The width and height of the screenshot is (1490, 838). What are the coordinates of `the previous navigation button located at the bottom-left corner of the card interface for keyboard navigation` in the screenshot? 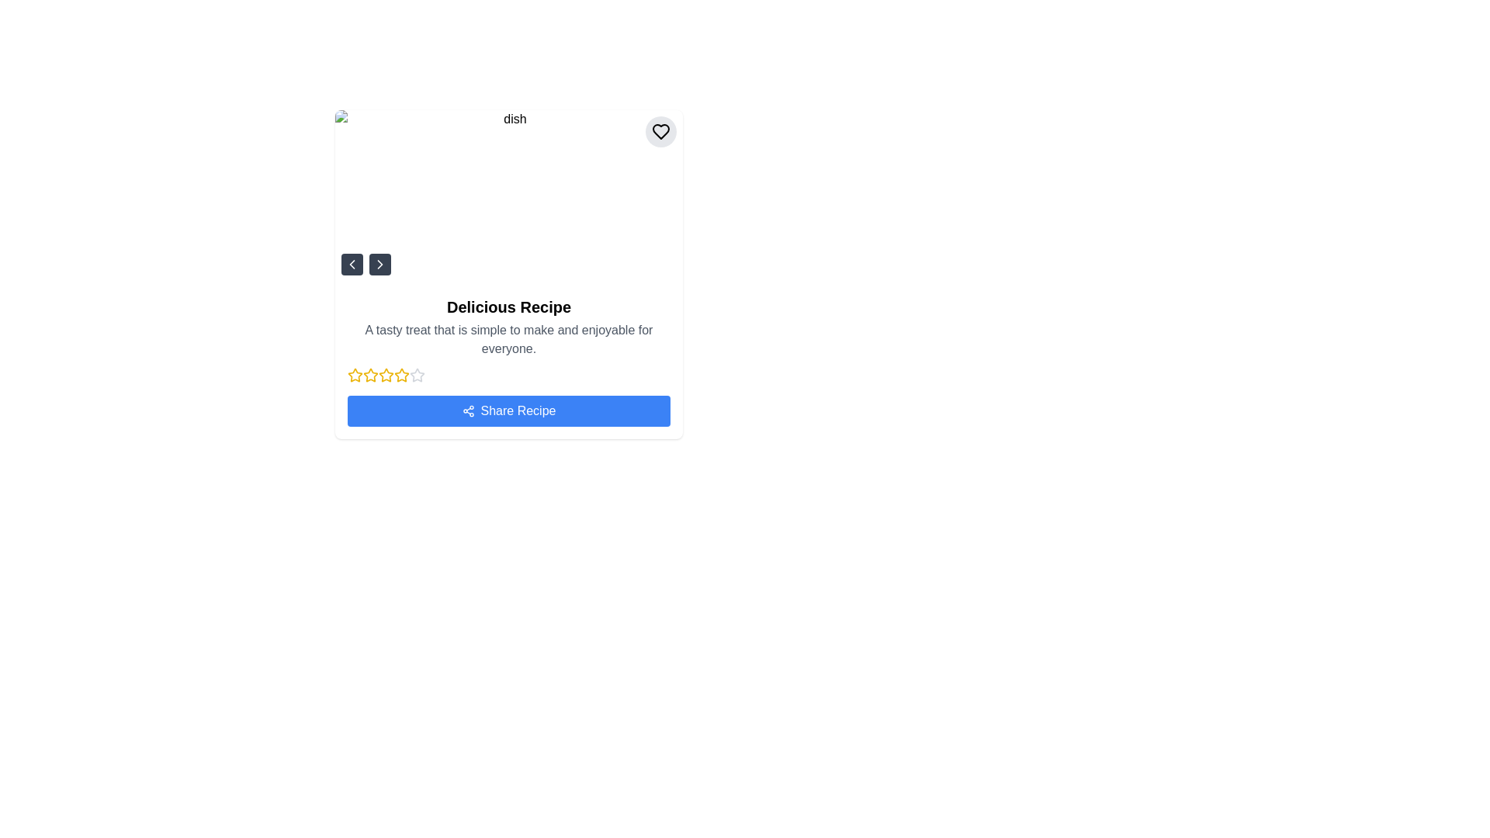 It's located at (352, 263).